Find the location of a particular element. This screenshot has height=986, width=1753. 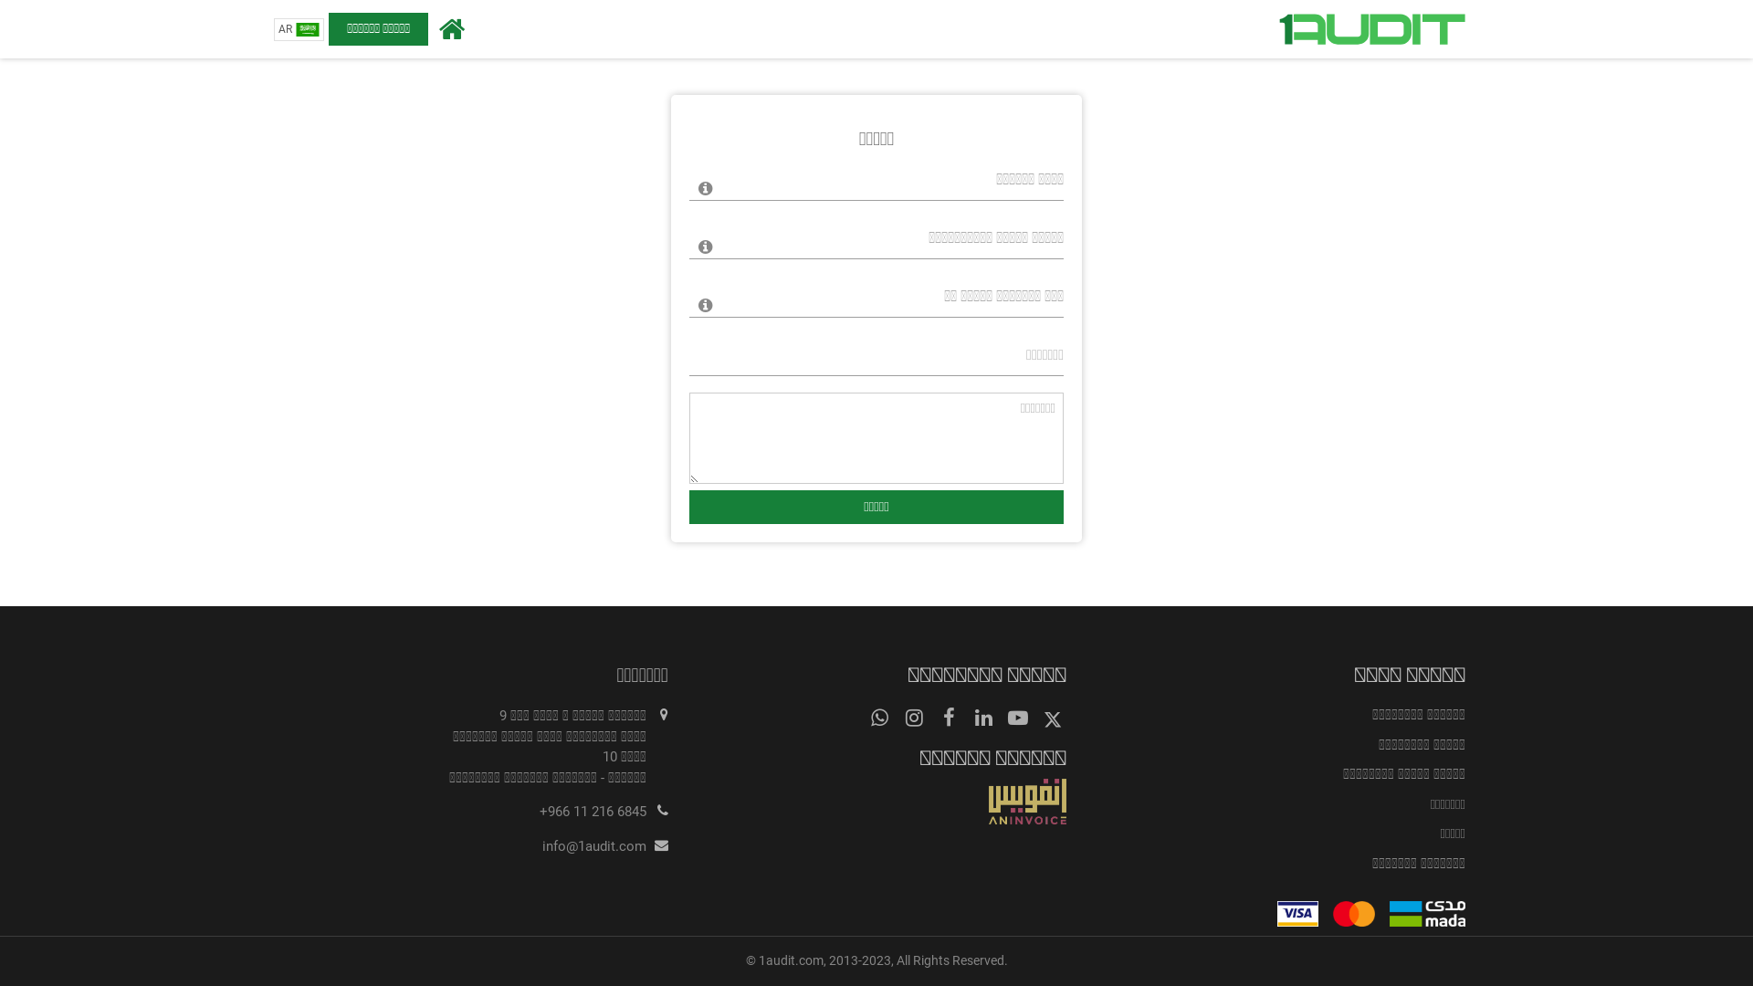

'aninvoice.com' is located at coordinates (876, 801).